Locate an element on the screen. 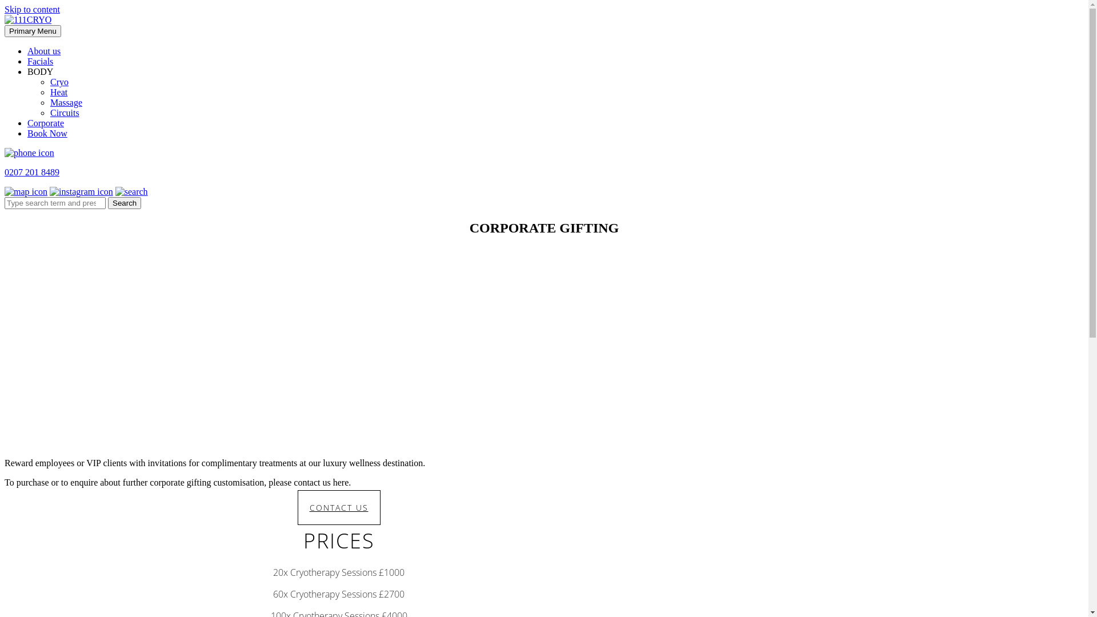 The height and width of the screenshot is (617, 1097). '0207 201 8489' is located at coordinates (5, 172).